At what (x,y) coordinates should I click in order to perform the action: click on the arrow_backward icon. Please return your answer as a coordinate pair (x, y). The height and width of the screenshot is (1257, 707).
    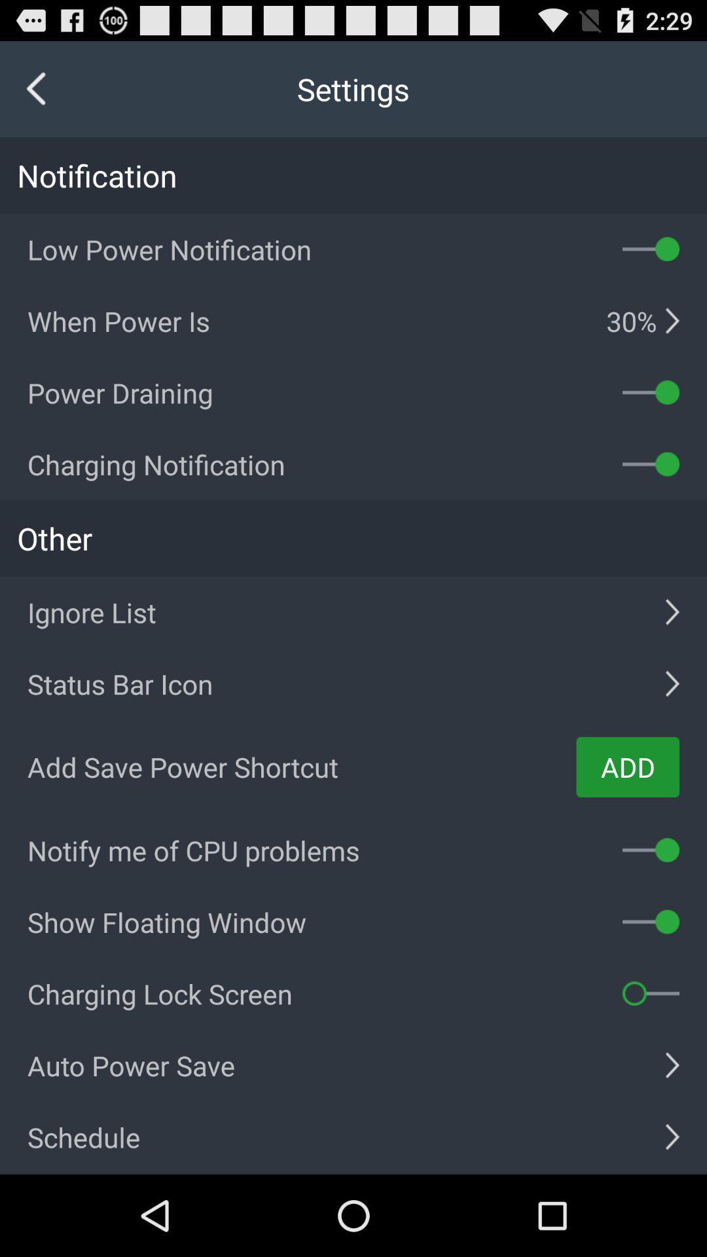
    Looking at the image, I should click on (36, 95).